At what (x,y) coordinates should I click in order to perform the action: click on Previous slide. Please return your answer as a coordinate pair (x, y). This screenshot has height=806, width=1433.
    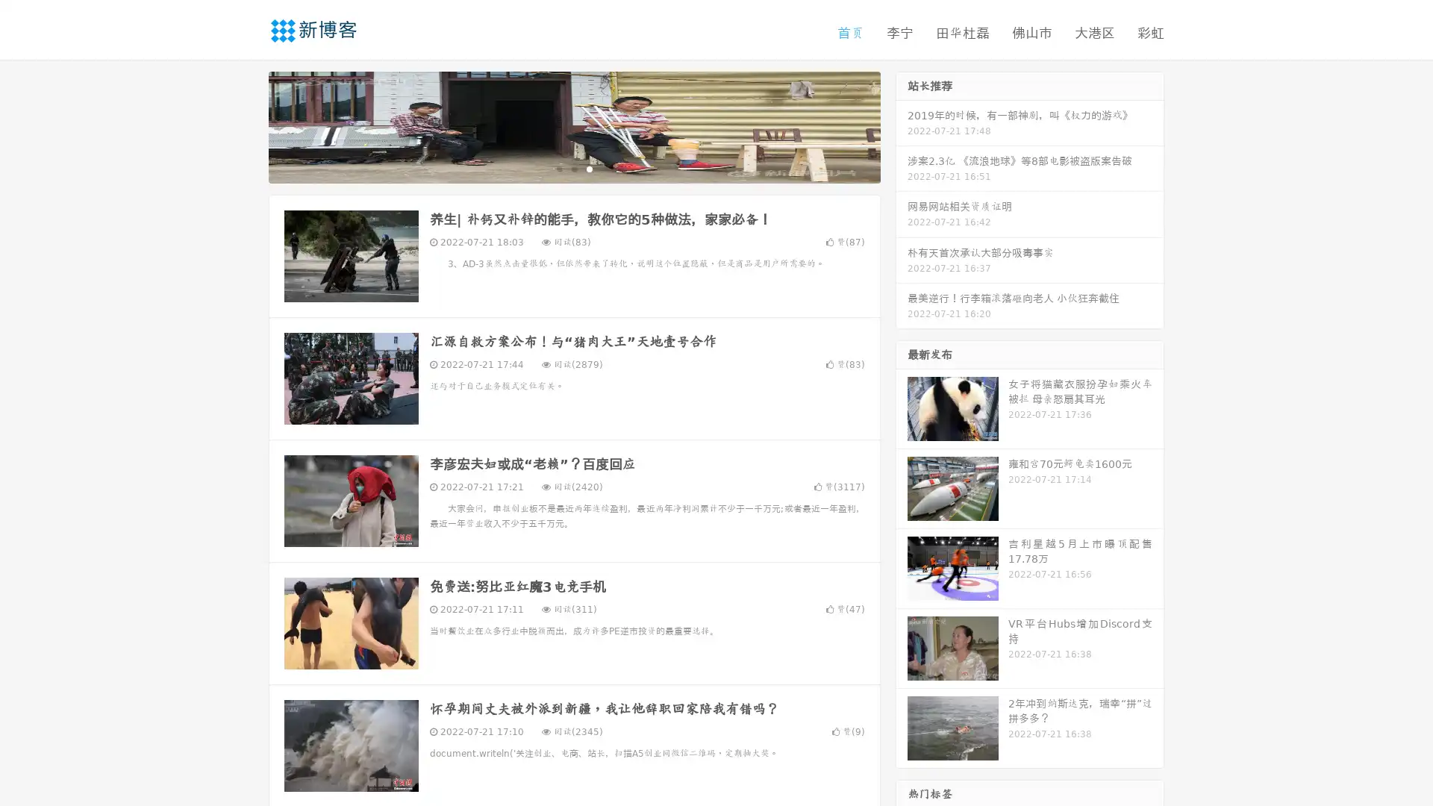
    Looking at the image, I should click on (246, 125).